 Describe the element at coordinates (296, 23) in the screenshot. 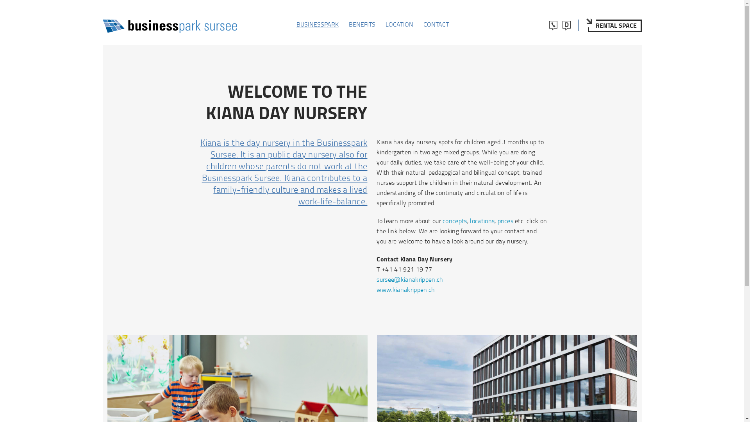

I see `'BUSINESSPARK'` at that location.